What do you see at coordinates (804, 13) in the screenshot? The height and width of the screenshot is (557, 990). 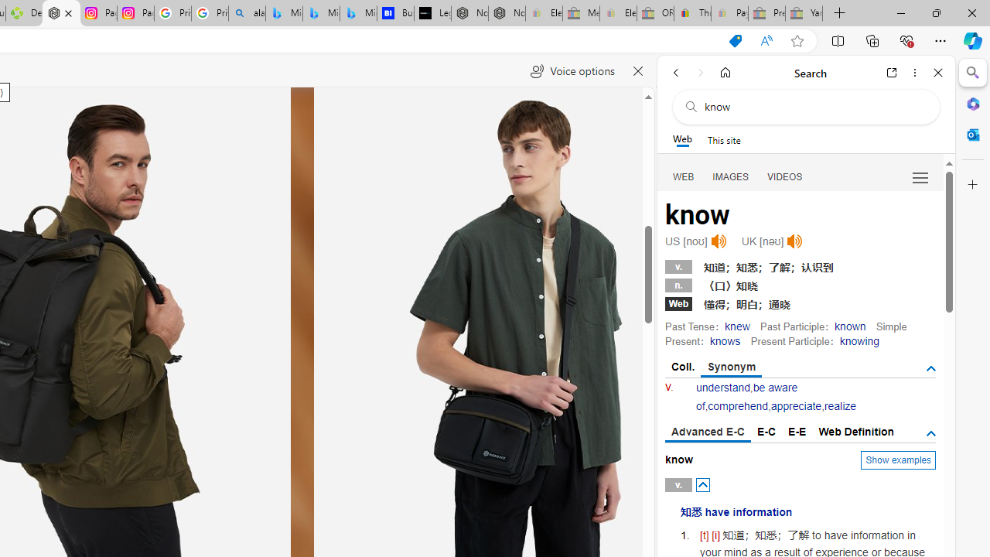 I see `'Yard, Garden & Outdoor Living - Sleeping'` at bounding box center [804, 13].